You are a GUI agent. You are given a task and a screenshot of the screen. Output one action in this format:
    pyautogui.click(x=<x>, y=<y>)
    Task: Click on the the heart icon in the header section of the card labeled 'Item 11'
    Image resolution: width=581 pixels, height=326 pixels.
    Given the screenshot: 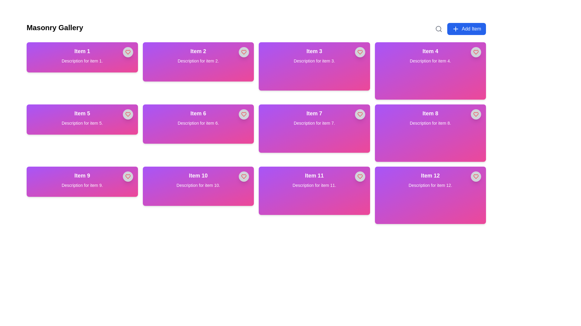 What is the action you would take?
    pyautogui.click(x=360, y=177)
    